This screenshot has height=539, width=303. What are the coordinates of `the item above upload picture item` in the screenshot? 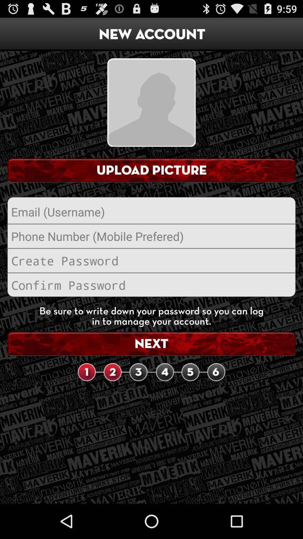 It's located at (151, 102).